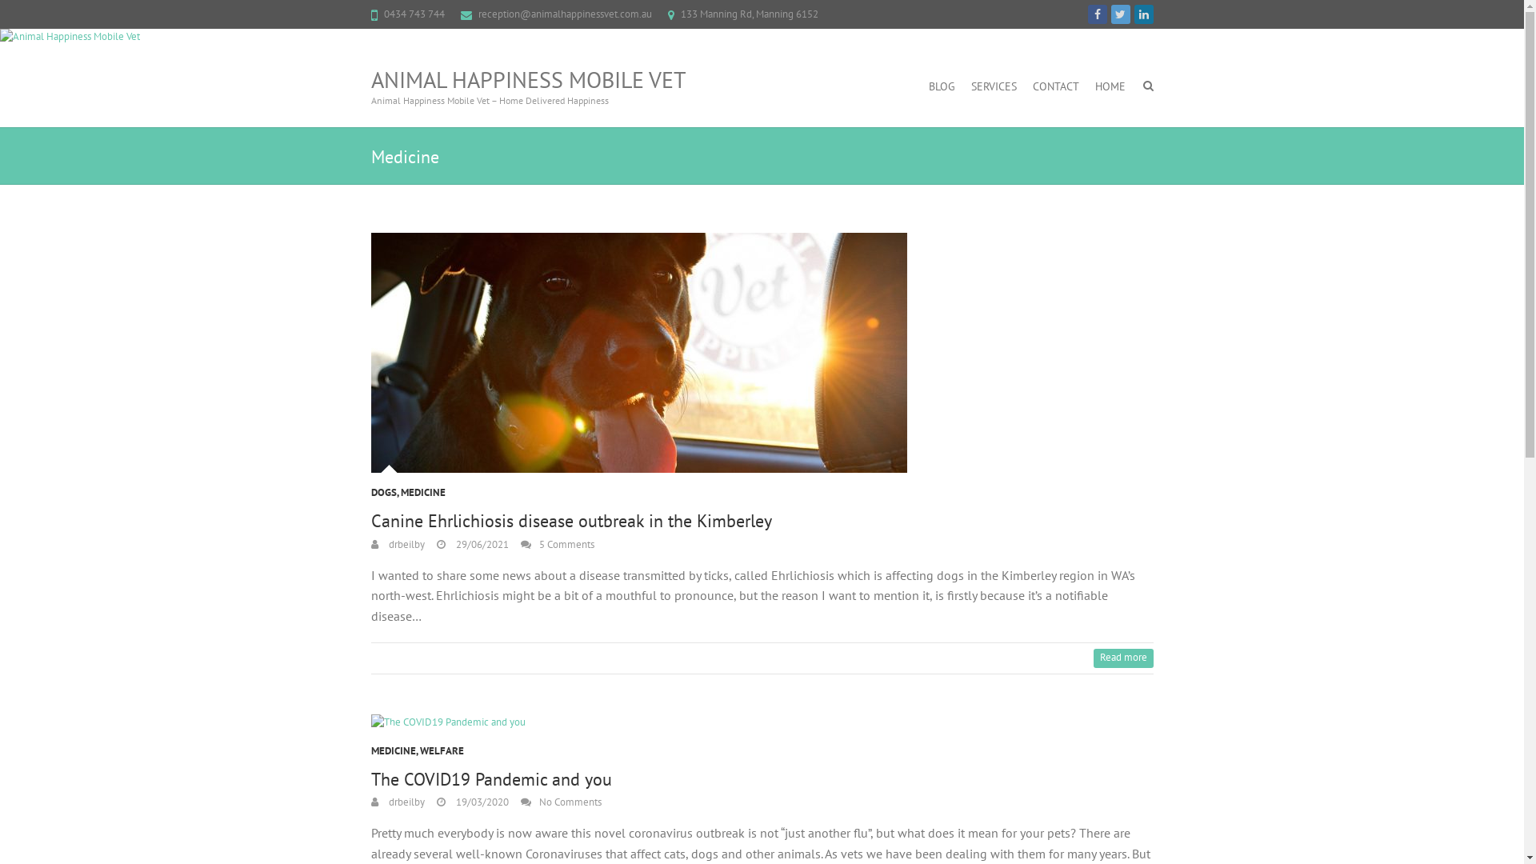 The image size is (1536, 864). I want to click on '19/03/2020', so click(471, 802).